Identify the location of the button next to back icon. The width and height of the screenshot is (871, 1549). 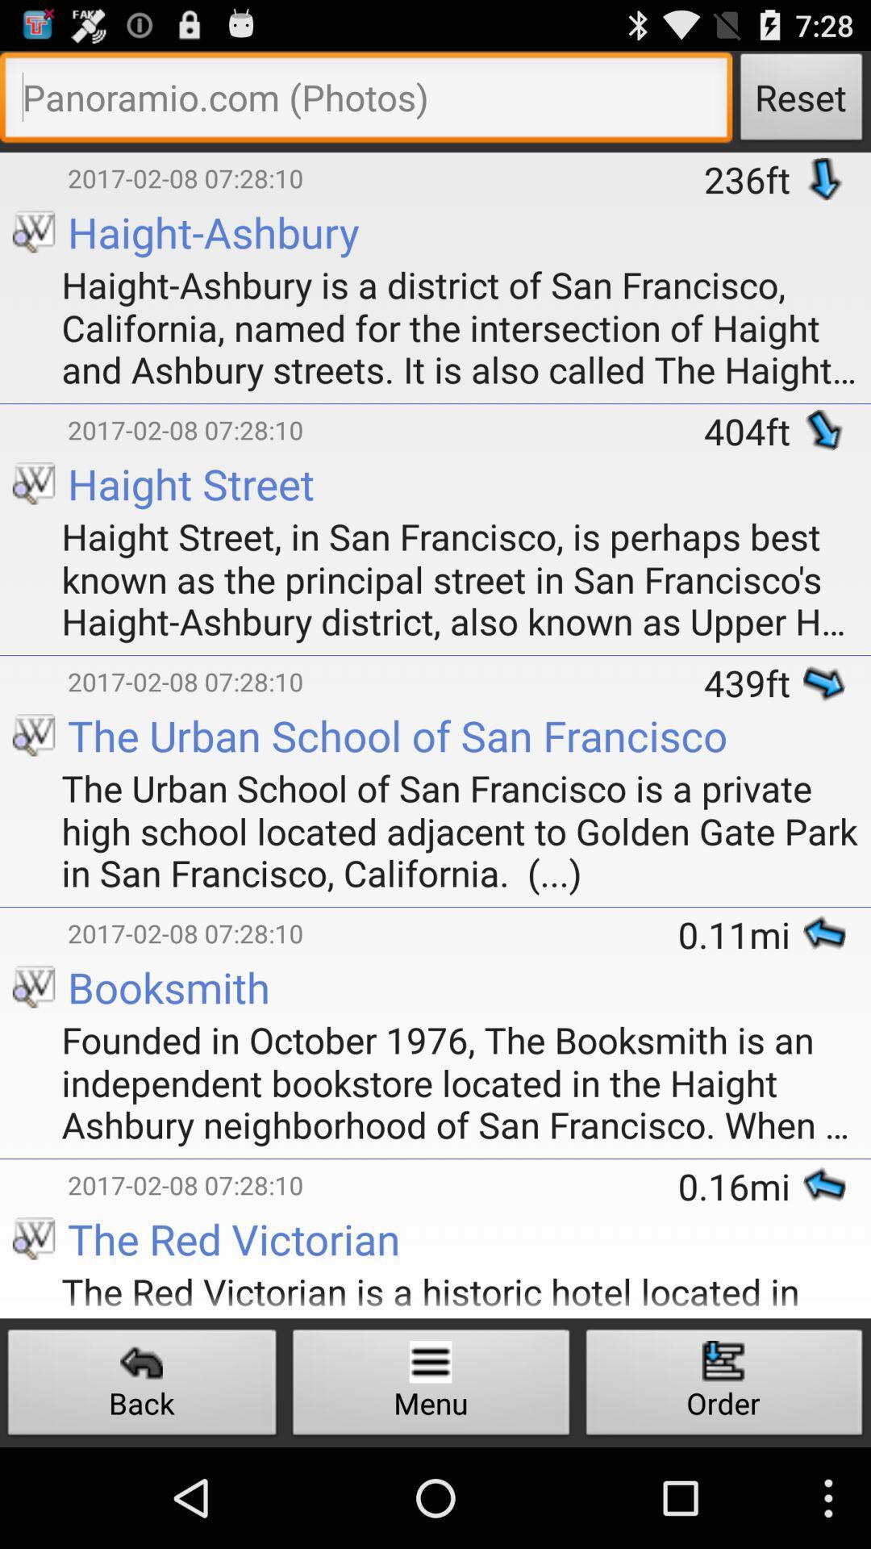
(431, 1386).